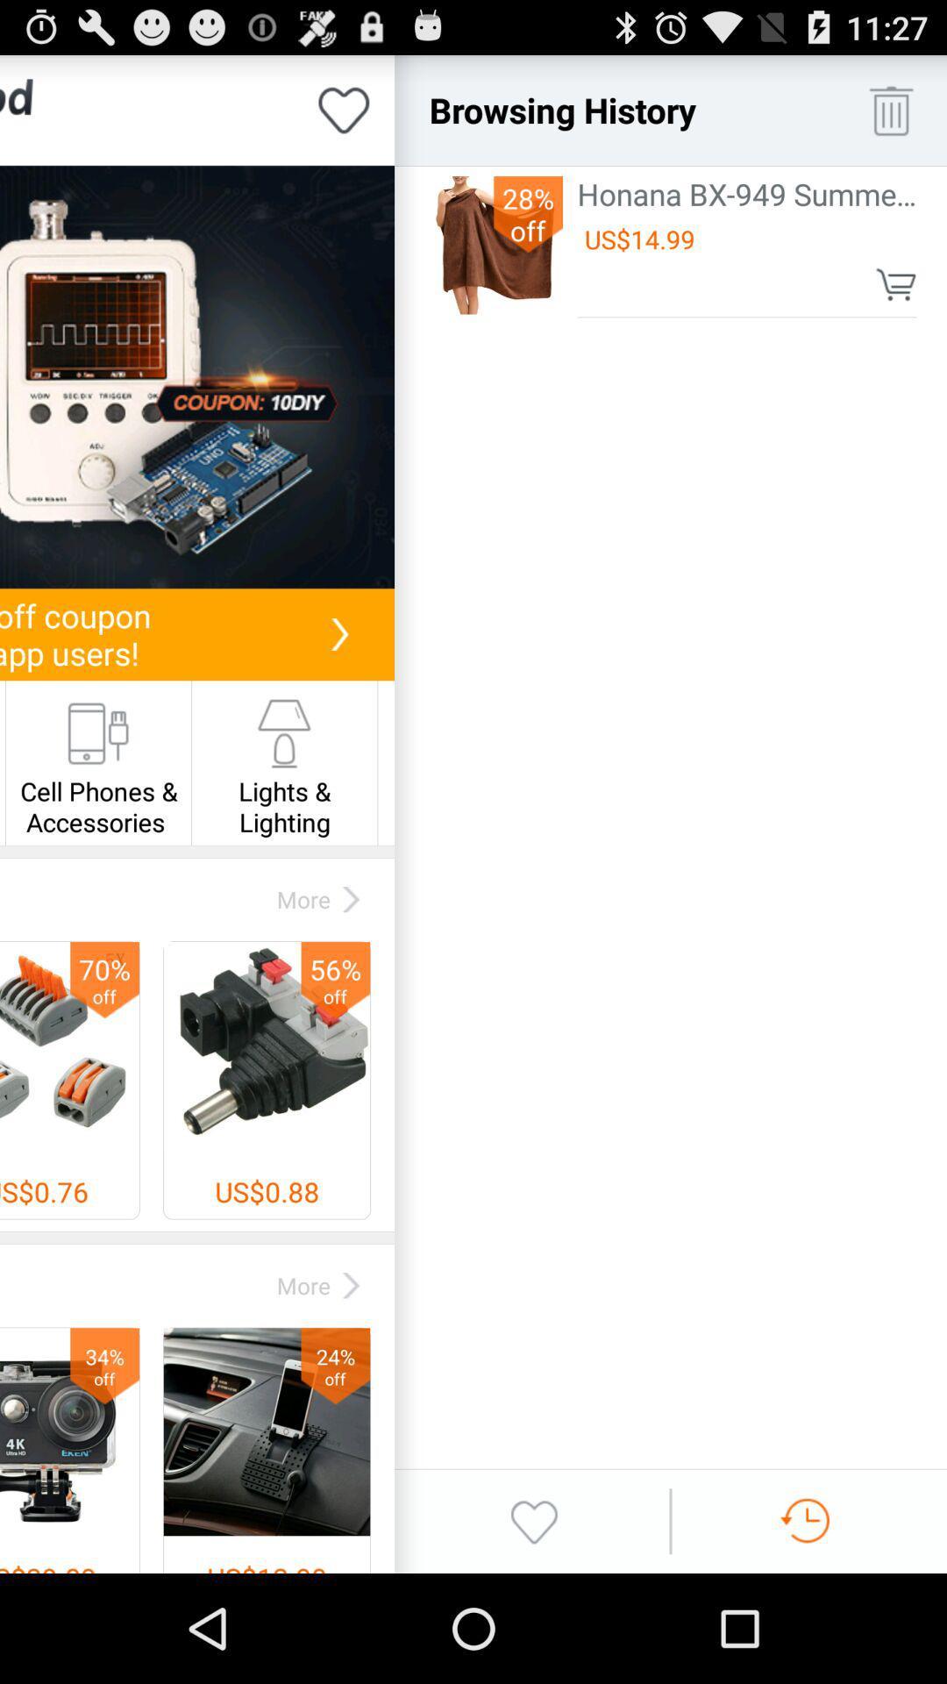 This screenshot has height=1684, width=947. What do you see at coordinates (896, 284) in the screenshot?
I see `cart icon` at bounding box center [896, 284].